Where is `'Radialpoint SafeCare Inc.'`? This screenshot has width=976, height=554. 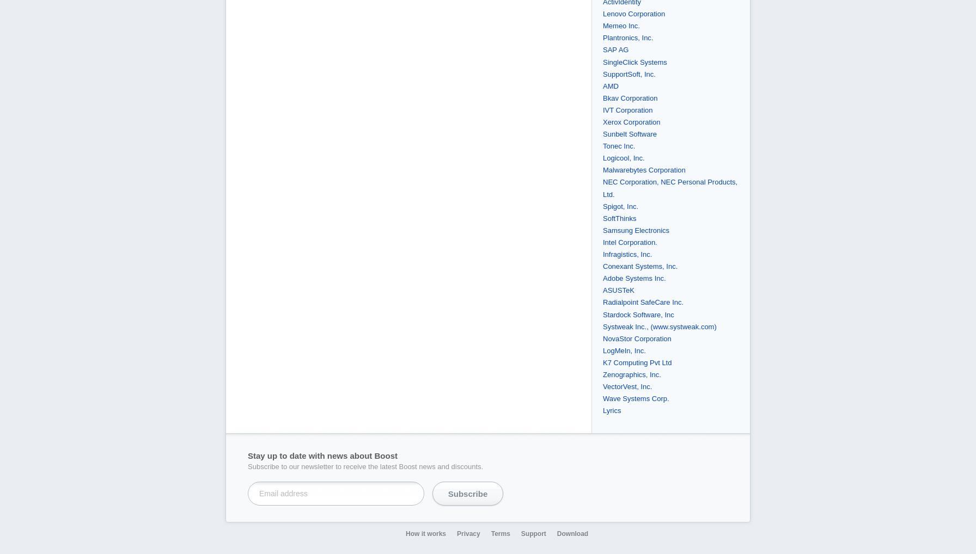 'Radialpoint SafeCare Inc.' is located at coordinates (643, 301).